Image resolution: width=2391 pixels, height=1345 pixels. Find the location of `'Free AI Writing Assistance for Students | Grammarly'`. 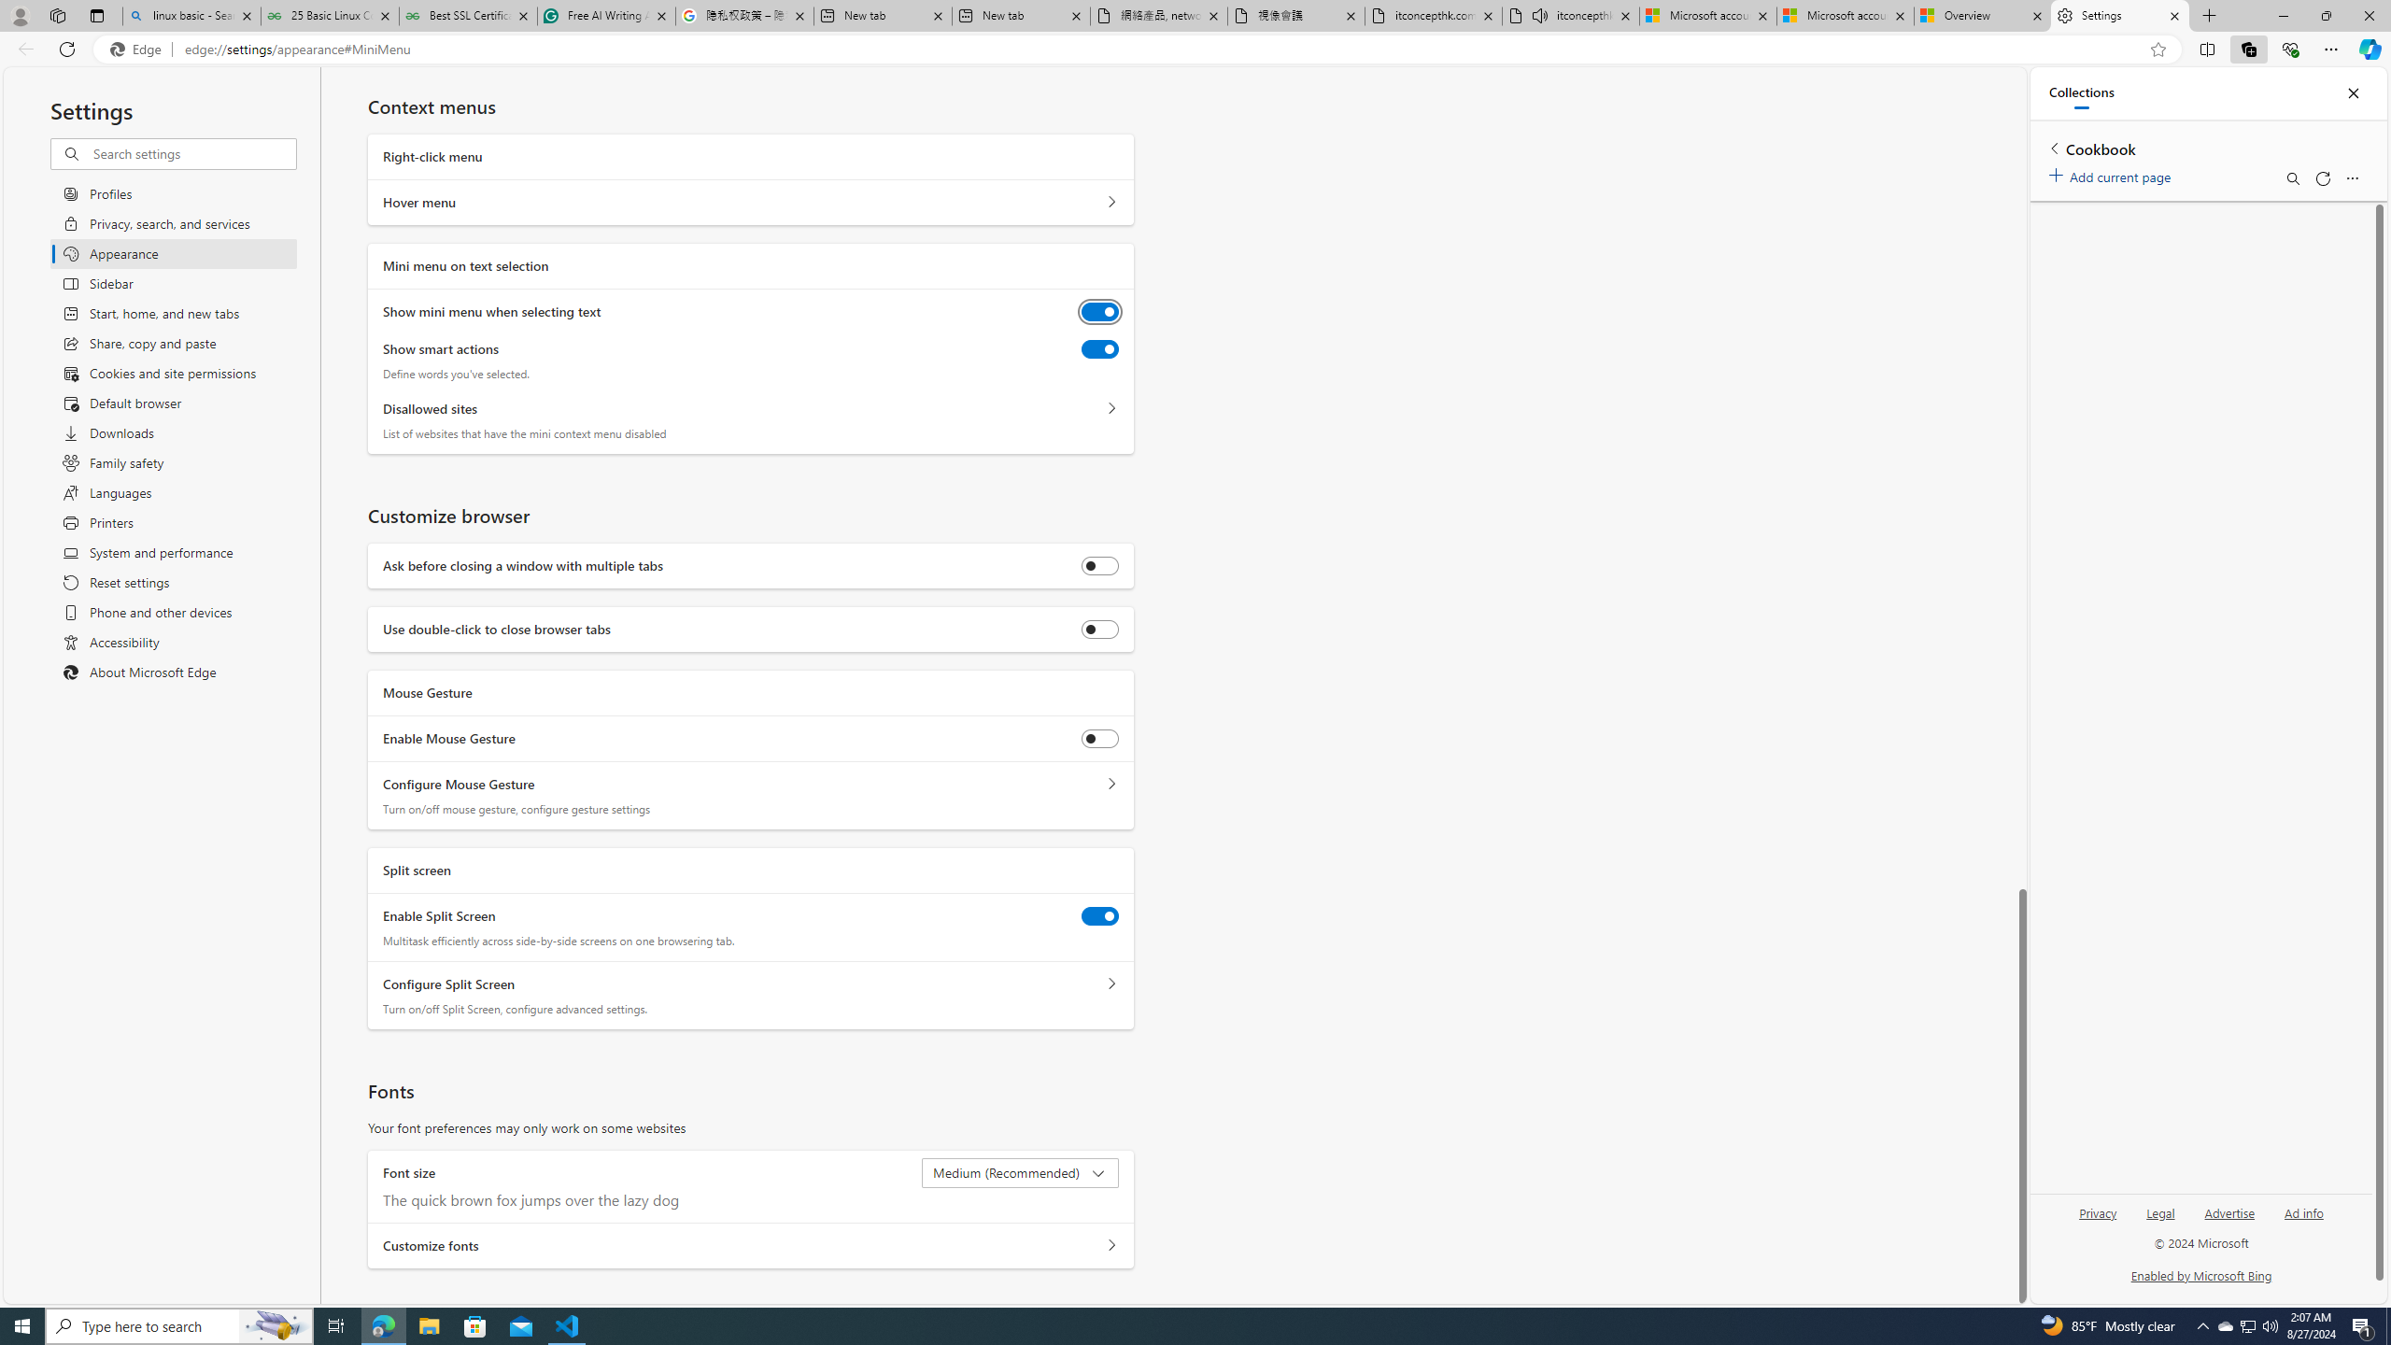

'Free AI Writing Assistance for Students | Grammarly' is located at coordinates (605, 15).